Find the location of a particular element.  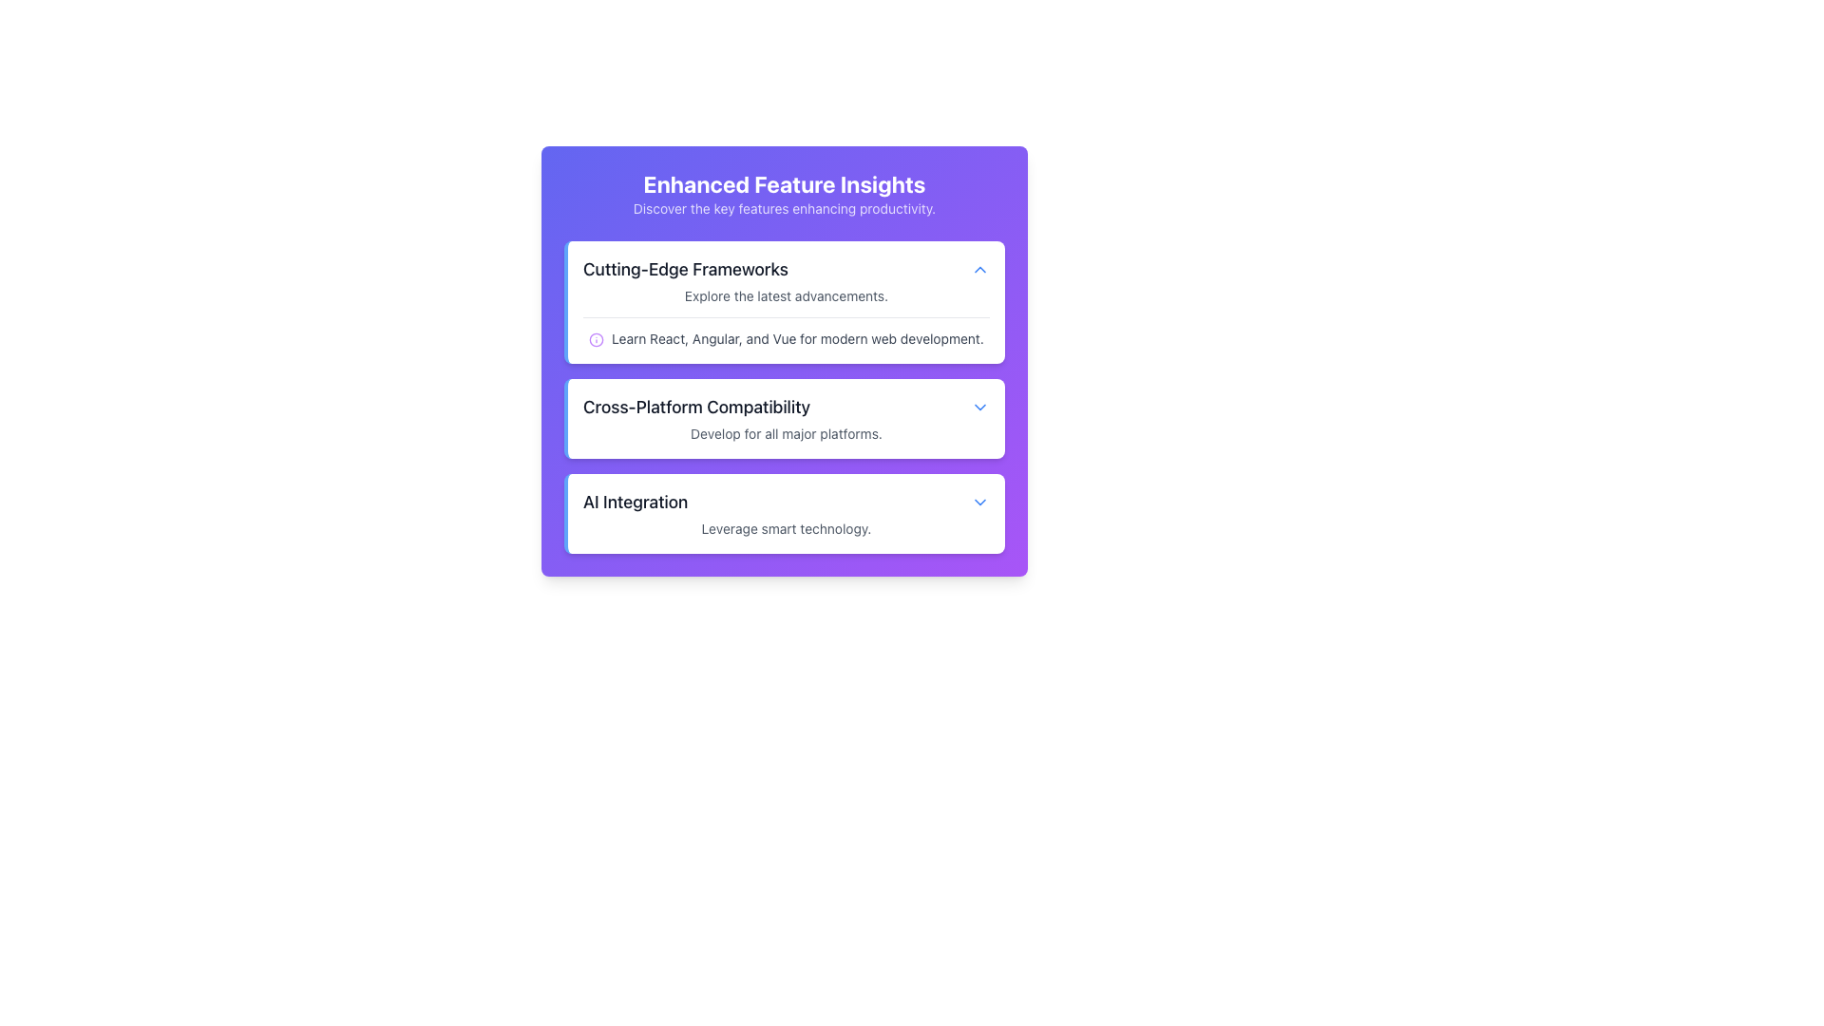

the text label containing the phrase 'Develop for all major platforms.' which is styled with small gray text and positioned below the 'Cross-Platform Compatibility' title is located at coordinates (787, 433).